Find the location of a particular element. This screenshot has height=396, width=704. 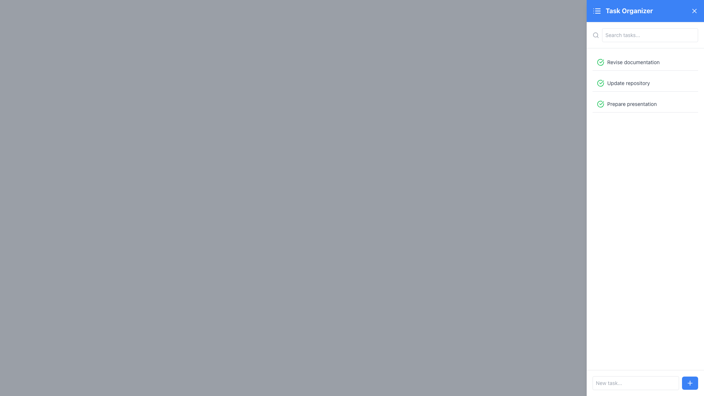

the Icon button that marks the 'Prepare presentation' task as complete is located at coordinates (600, 104).